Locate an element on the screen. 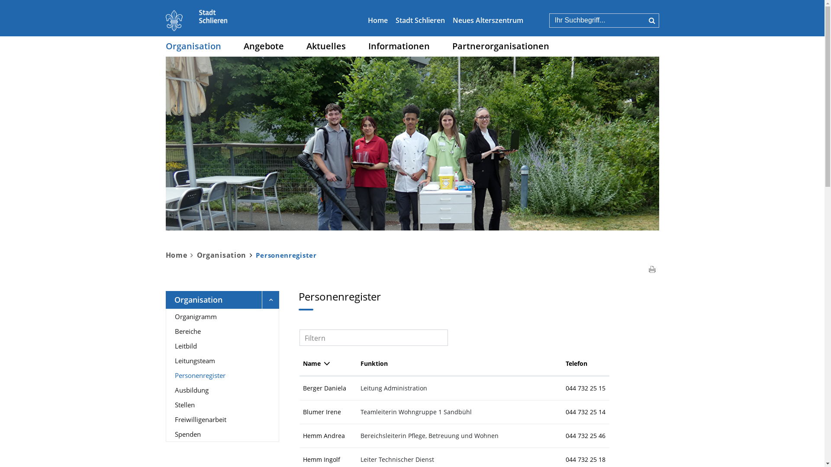  'Bereiche' is located at coordinates (222, 331).